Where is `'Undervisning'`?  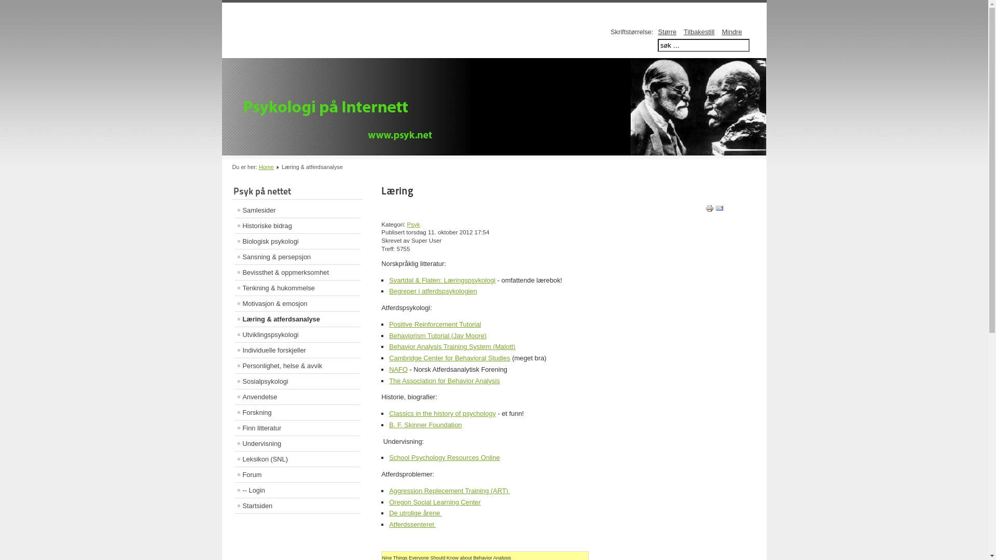
'Undervisning' is located at coordinates (297, 443).